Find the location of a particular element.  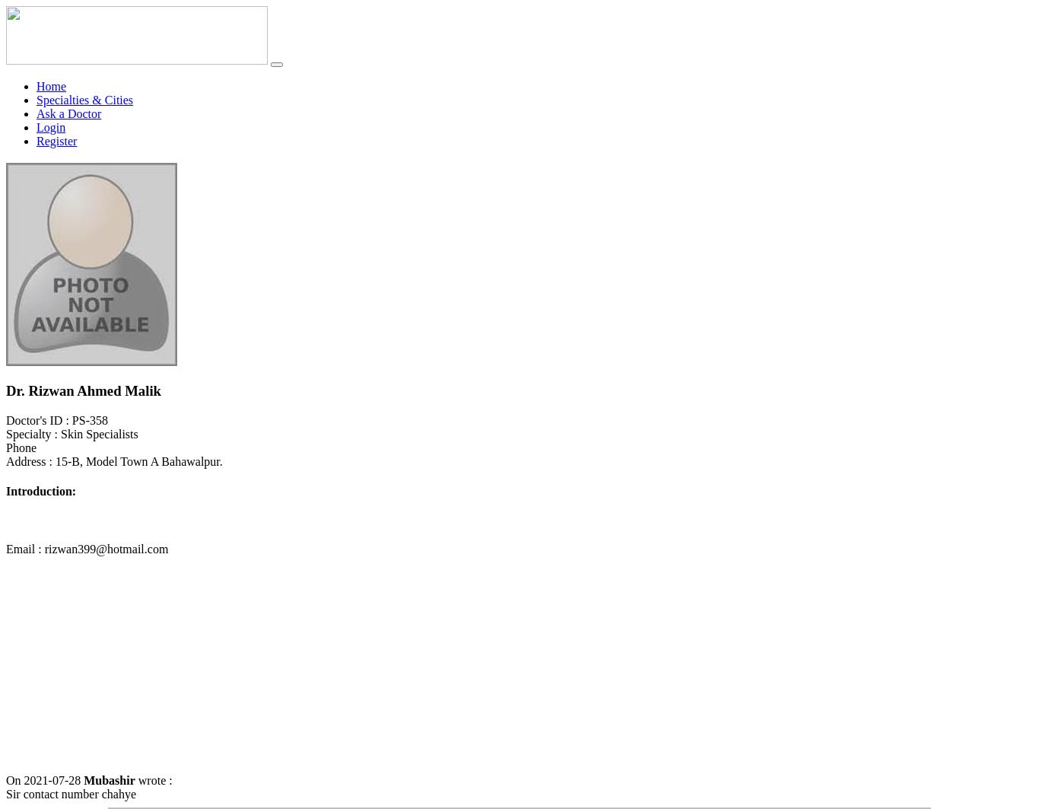

'wrote :' is located at coordinates (152, 779).